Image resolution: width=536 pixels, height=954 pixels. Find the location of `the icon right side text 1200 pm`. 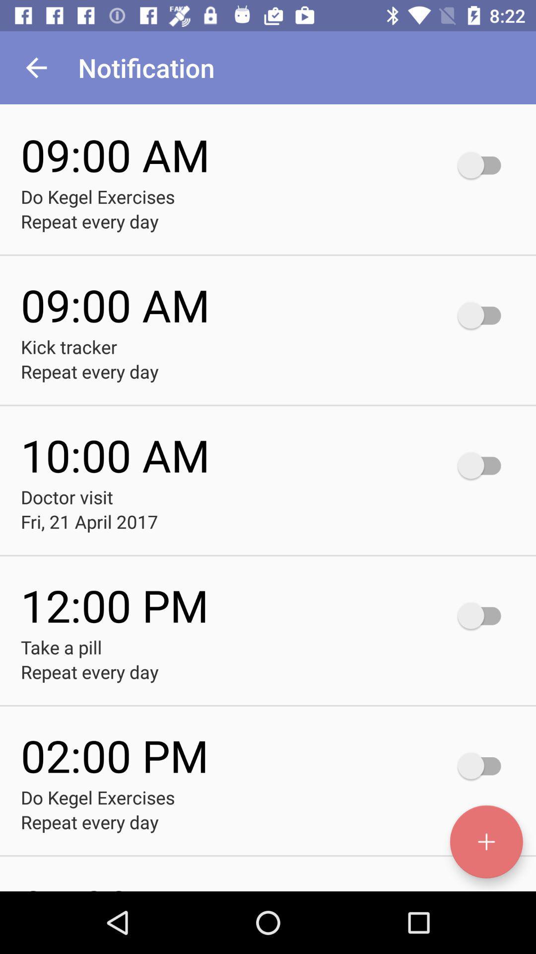

the icon right side text 1200 pm is located at coordinates (483, 615).